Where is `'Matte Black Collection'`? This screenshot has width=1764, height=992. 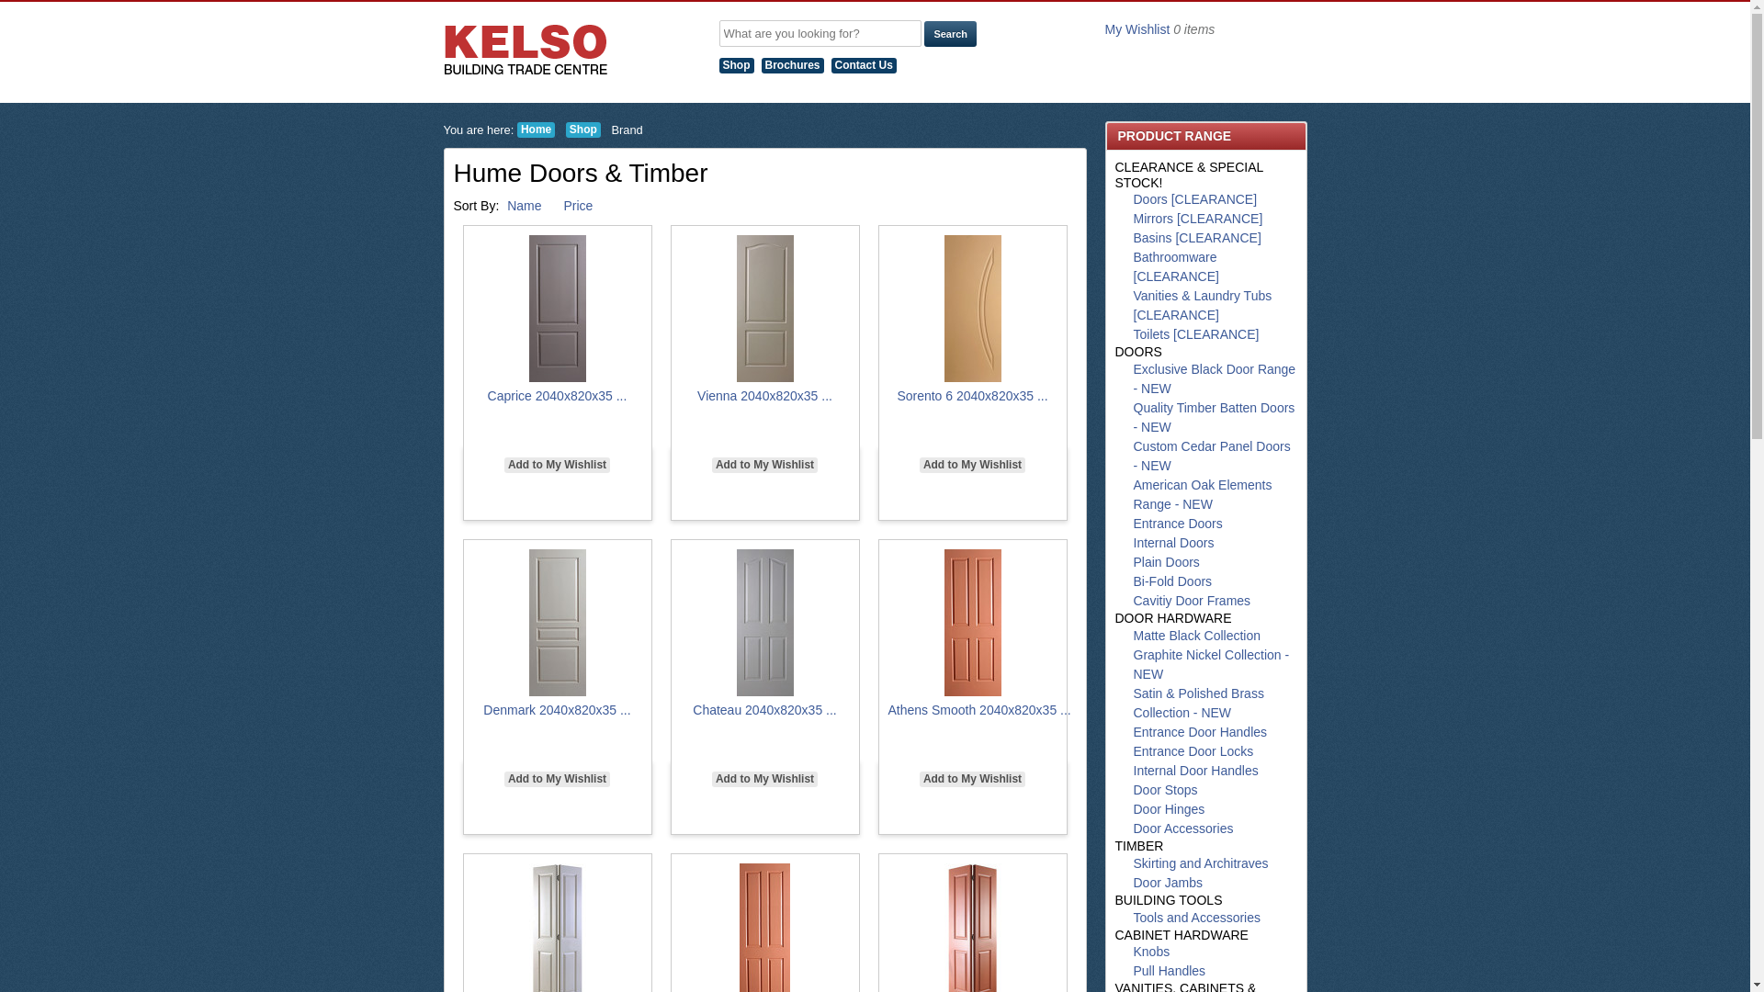 'Matte Black Collection' is located at coordinates (1197, 634).